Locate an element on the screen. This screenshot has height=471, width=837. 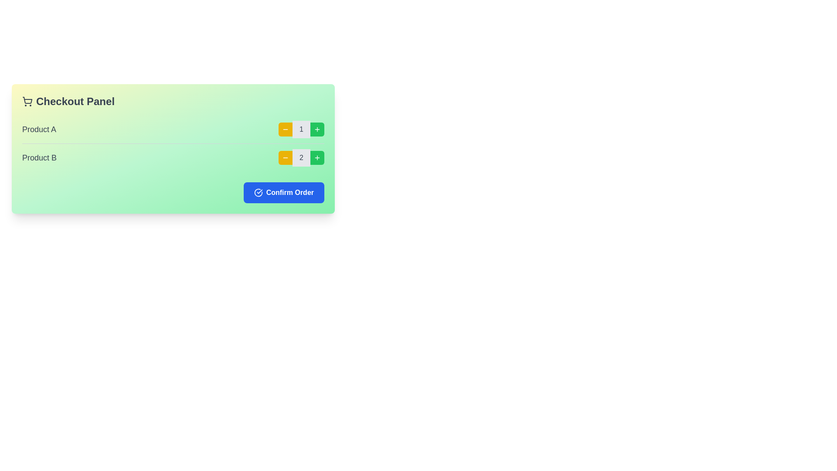
the adjacent buttons (minus and plus) to change the quantity displayed in the non-editable text field located between them in the upper item row is located at coordinates (279, 130).